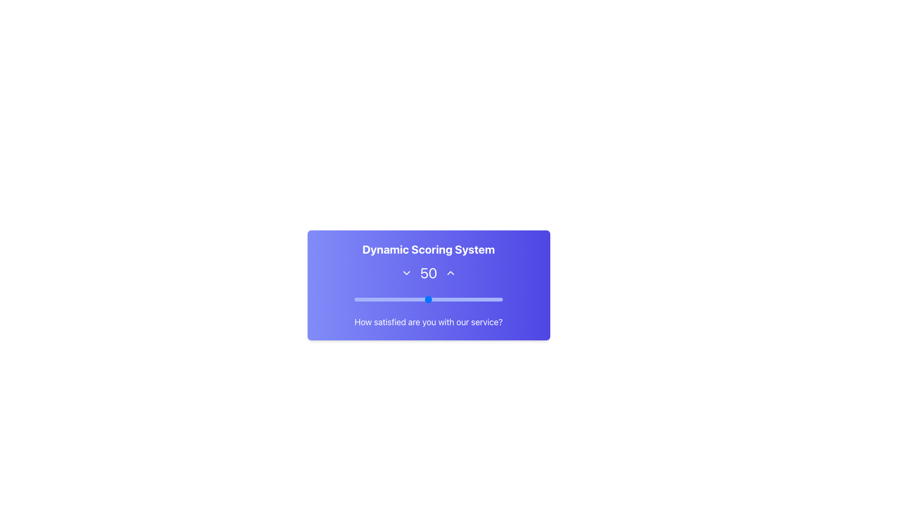 Image resolution: width=910 pixels, height=512 pixels. Describe the element at coordinates (493, 297) in the screenshot. I see `the slider` at that location.